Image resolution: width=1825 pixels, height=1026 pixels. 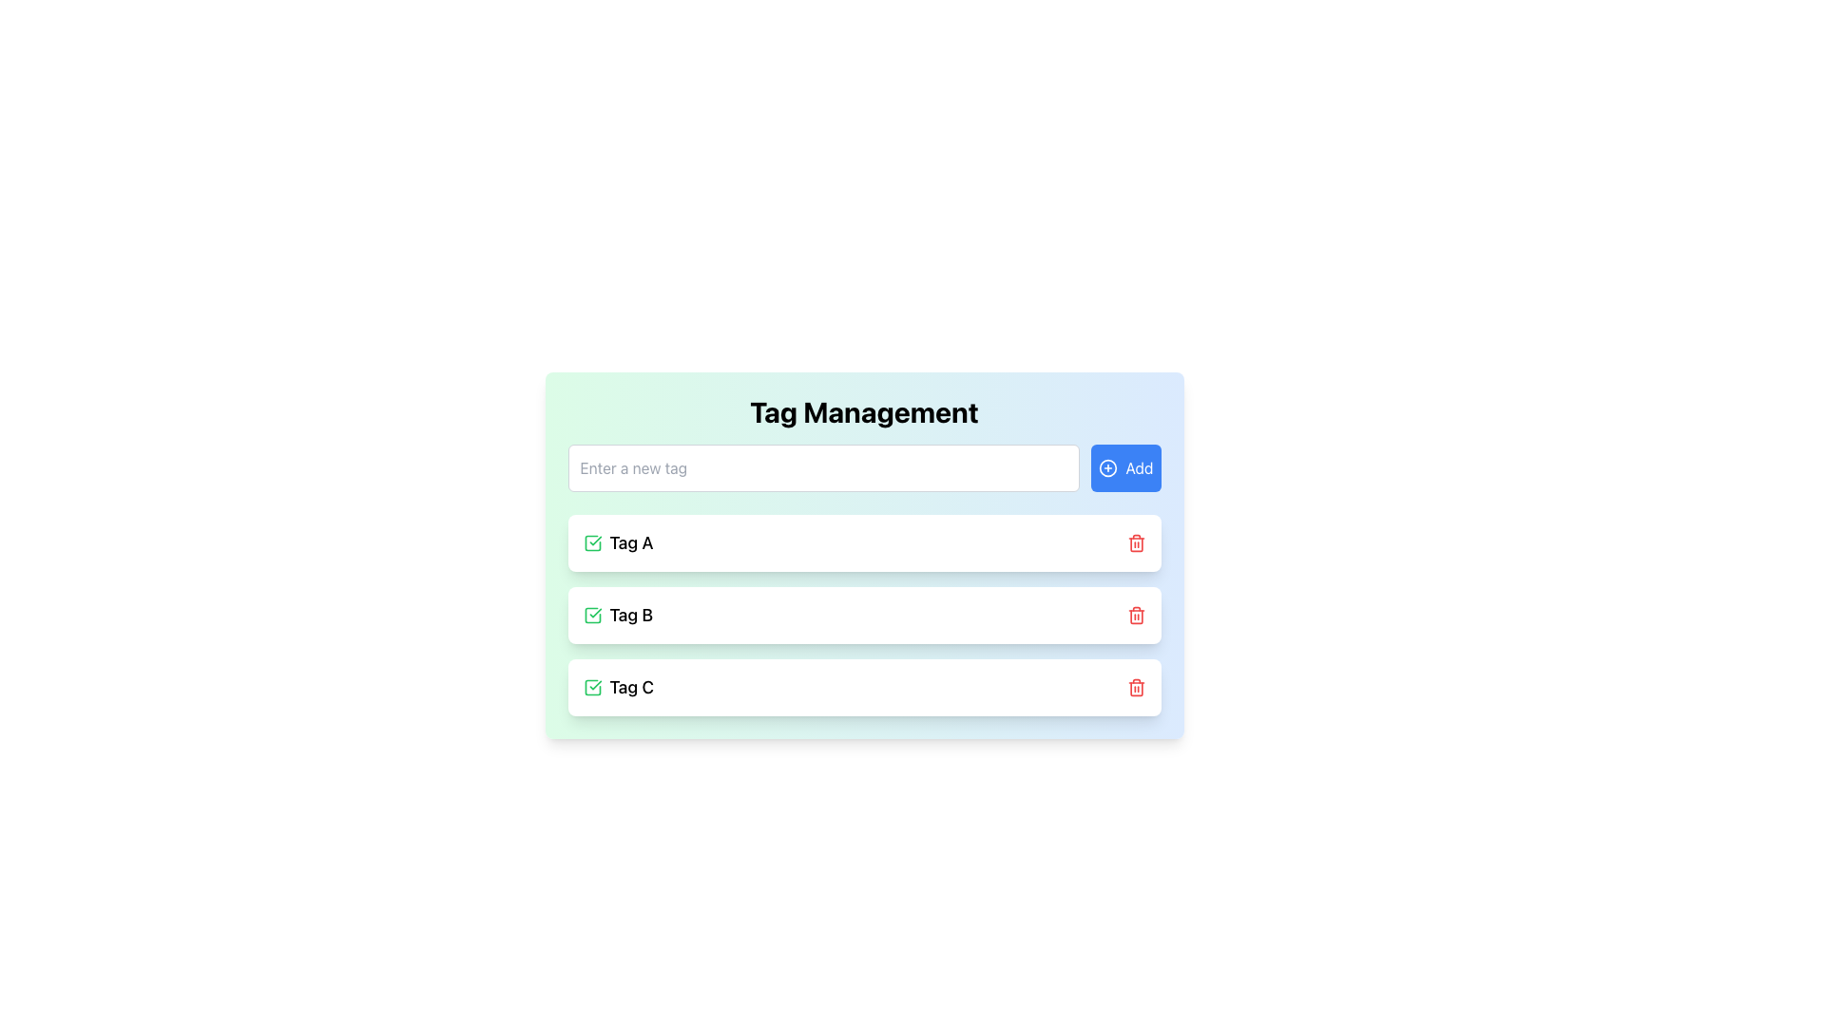 What do you see at coordinates (618, 688) in the screenshot?
I see `the text 'Tag C' in the tag item element that features a green checkmark icon on the left and is positioned as the third item in a vertical list of tags` at bounding box center [618, 688].